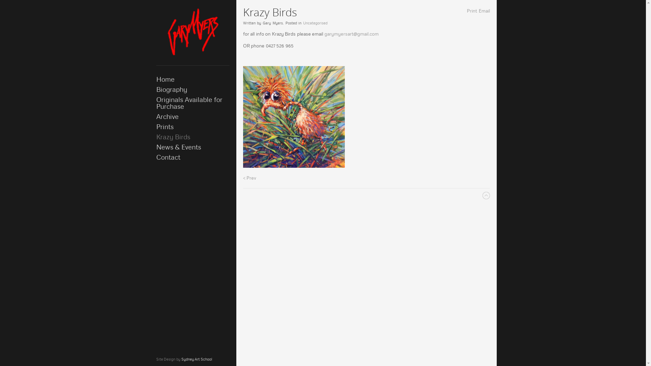  I want to click on 'Prints', so click(192, 127).